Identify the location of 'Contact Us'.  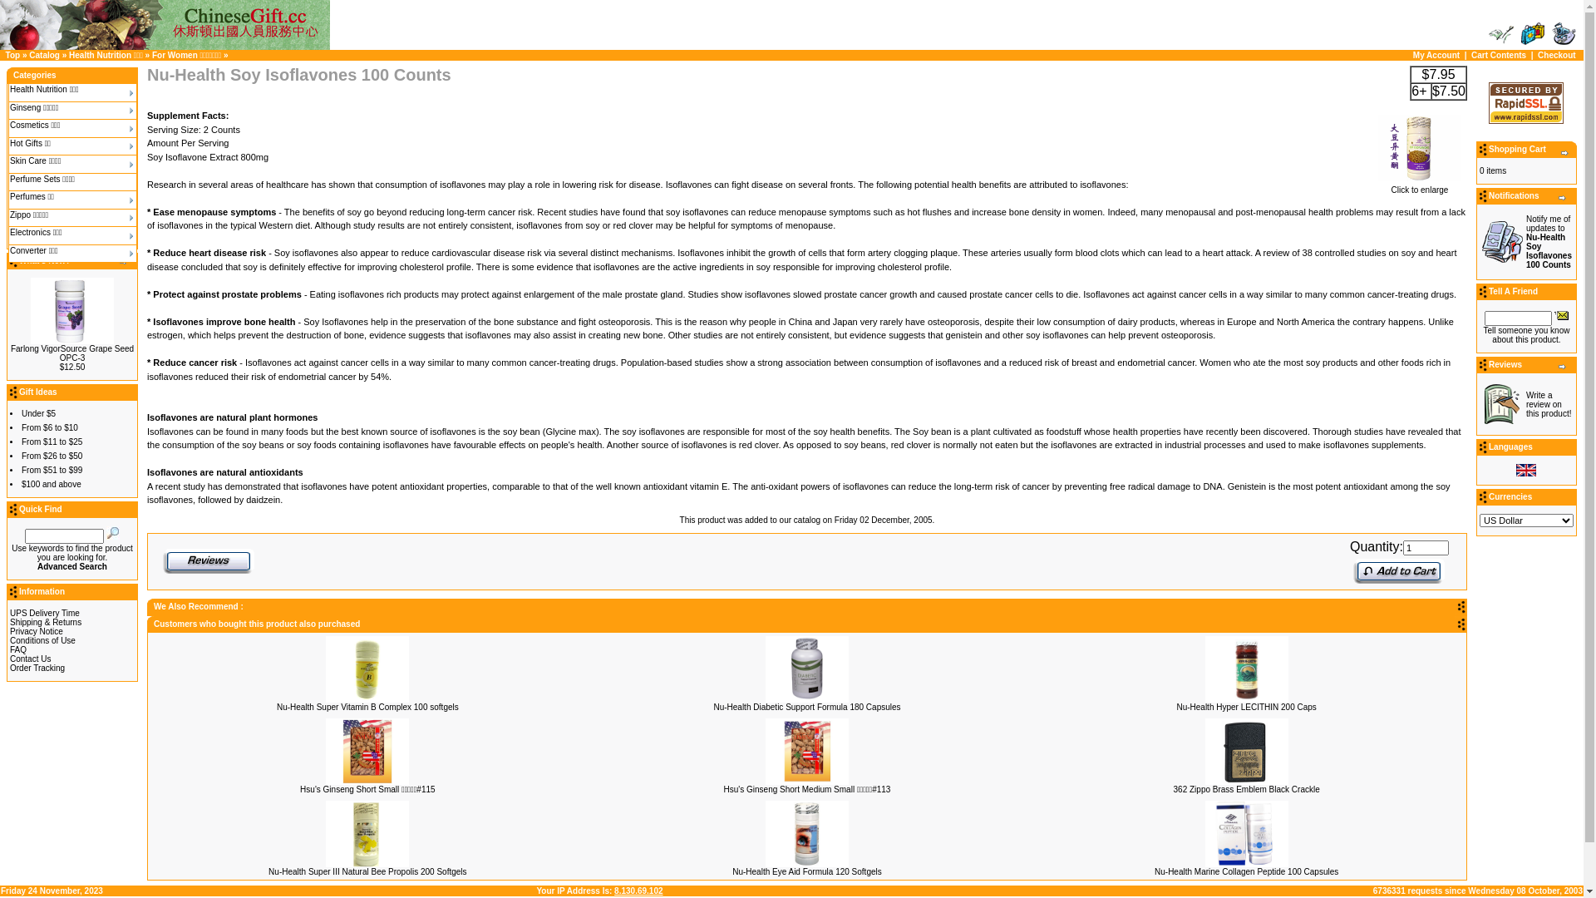
(30, 658).